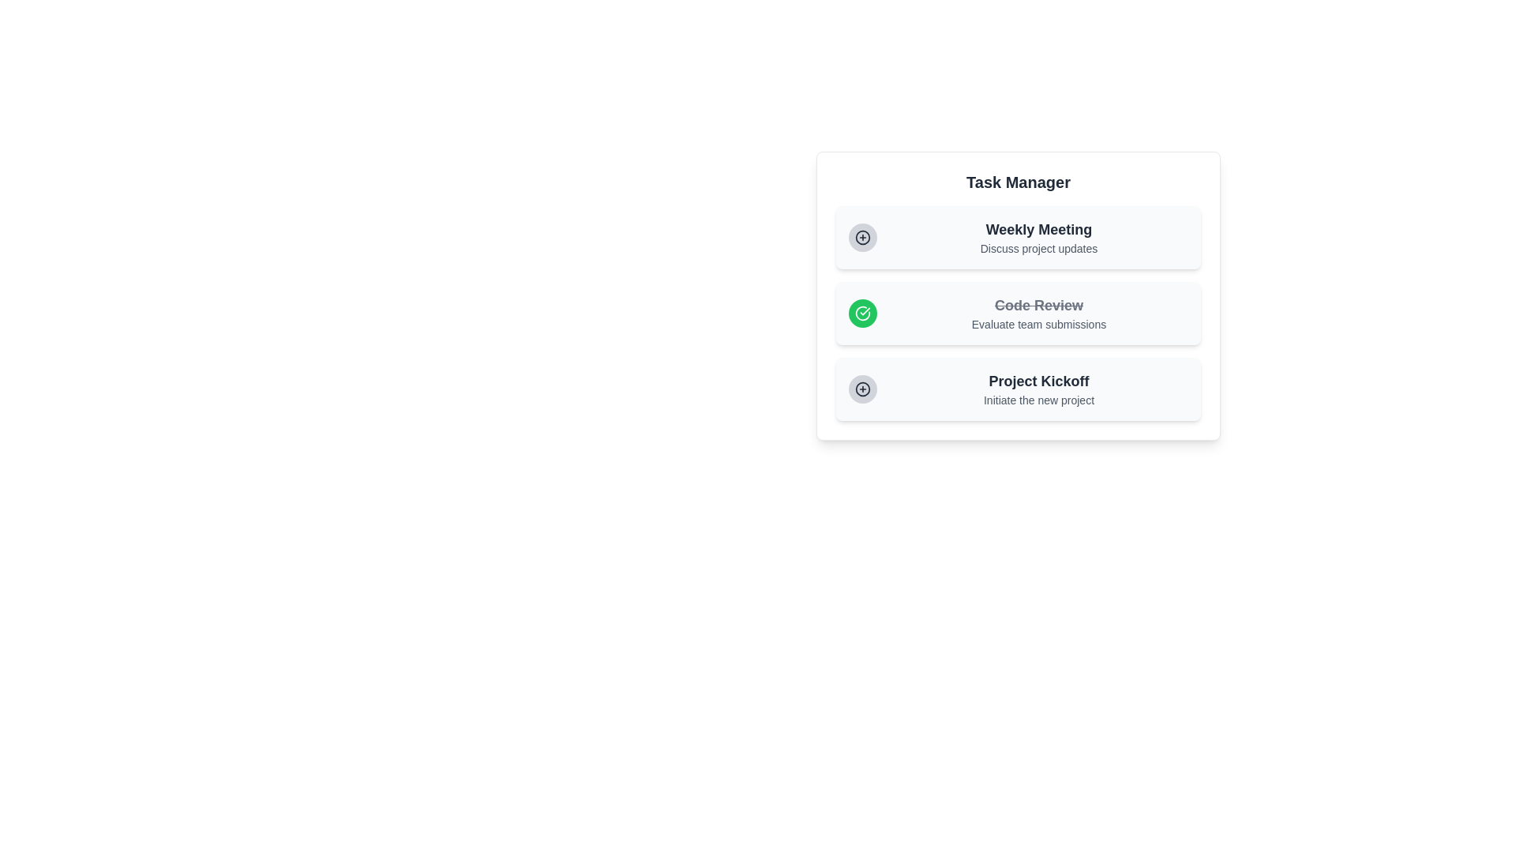  Describe the element at coordinates (1038, 229) in the screenshot. I see `the bold-text title 'Weekly Meeting' by interacting with it for further actions` at that location.